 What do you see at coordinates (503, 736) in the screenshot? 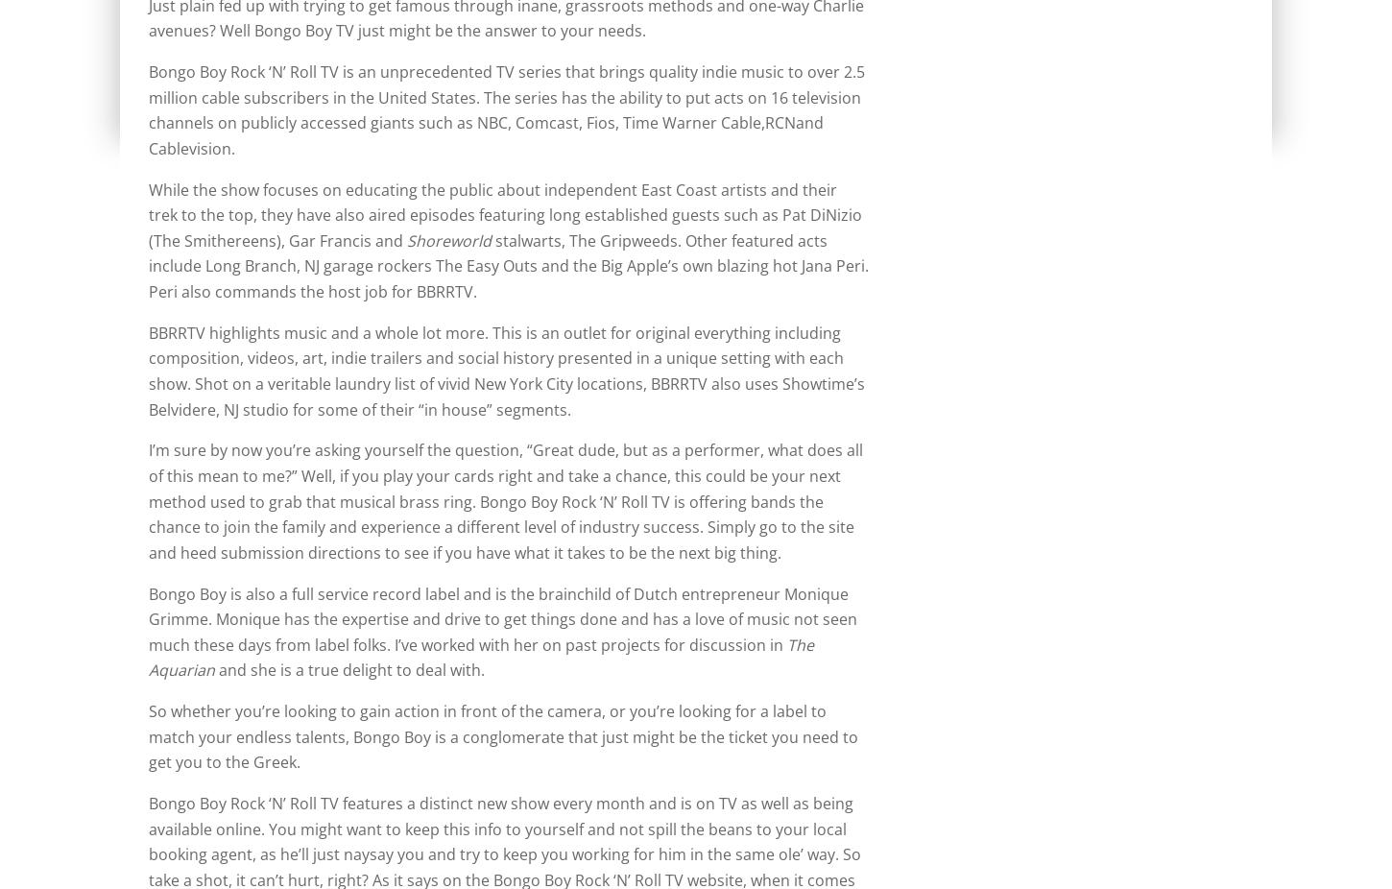
I see `'So whether you’re looking to gain action in front of the camera, or you’re looking for a label to match your endless talents, Bongo Boy is a conglomerate that just might be the ticket you need to get you to the Greek.'` at bounding box center [503, 736].